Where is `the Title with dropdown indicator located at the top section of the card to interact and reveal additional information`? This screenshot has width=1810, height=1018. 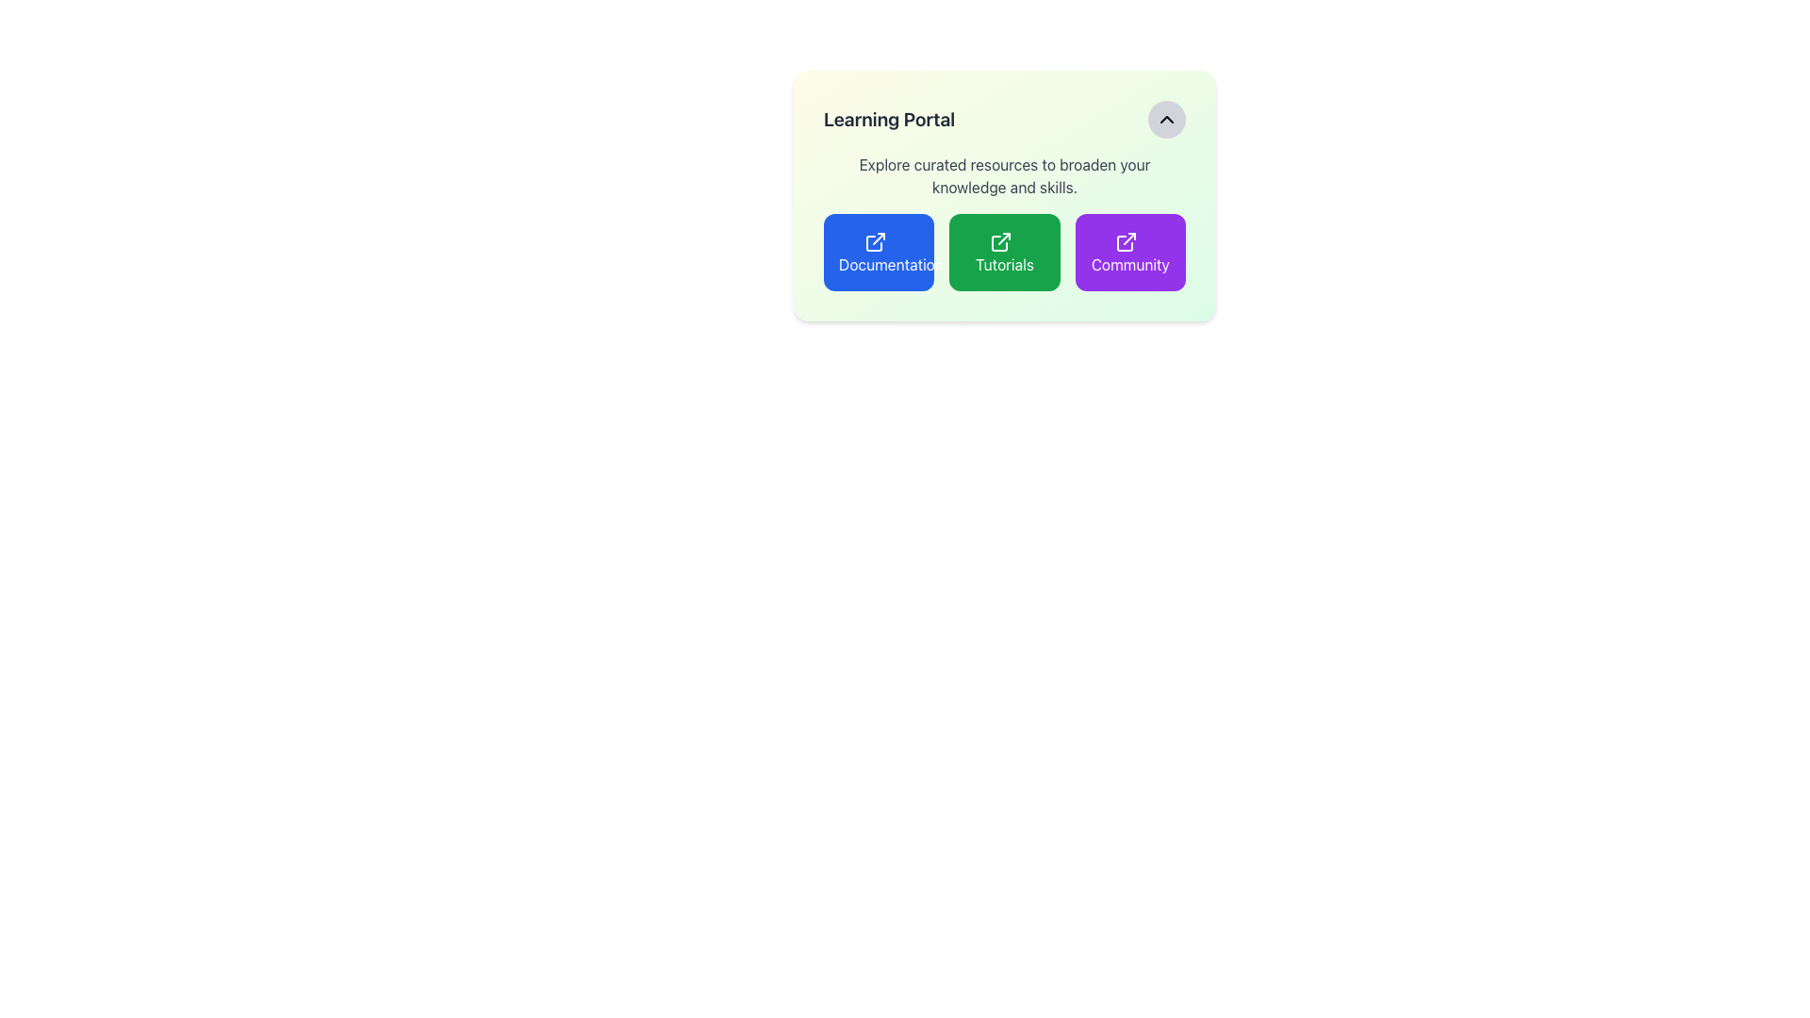
the Title with dropdown indicator located at the top section of the card to interact and reveal additional information is located at coordinates (1003, 120).